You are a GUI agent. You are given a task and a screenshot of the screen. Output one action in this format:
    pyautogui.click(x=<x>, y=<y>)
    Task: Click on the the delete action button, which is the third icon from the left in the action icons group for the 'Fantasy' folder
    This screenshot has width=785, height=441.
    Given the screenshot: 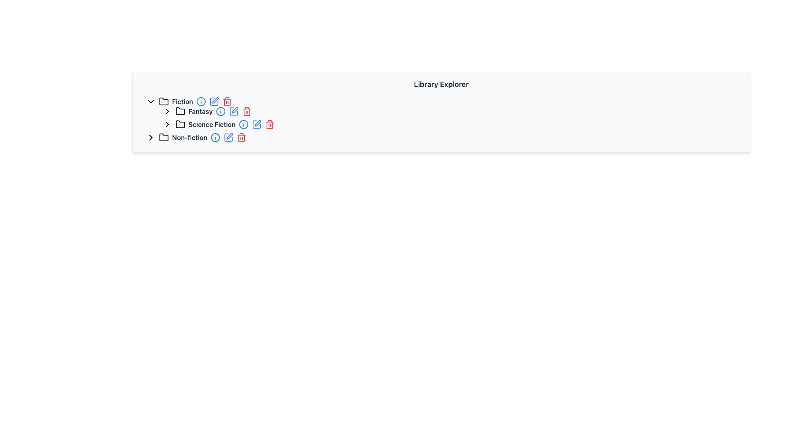 What is the action you would take?
    pyautogui.click(x=247, y=111)
    